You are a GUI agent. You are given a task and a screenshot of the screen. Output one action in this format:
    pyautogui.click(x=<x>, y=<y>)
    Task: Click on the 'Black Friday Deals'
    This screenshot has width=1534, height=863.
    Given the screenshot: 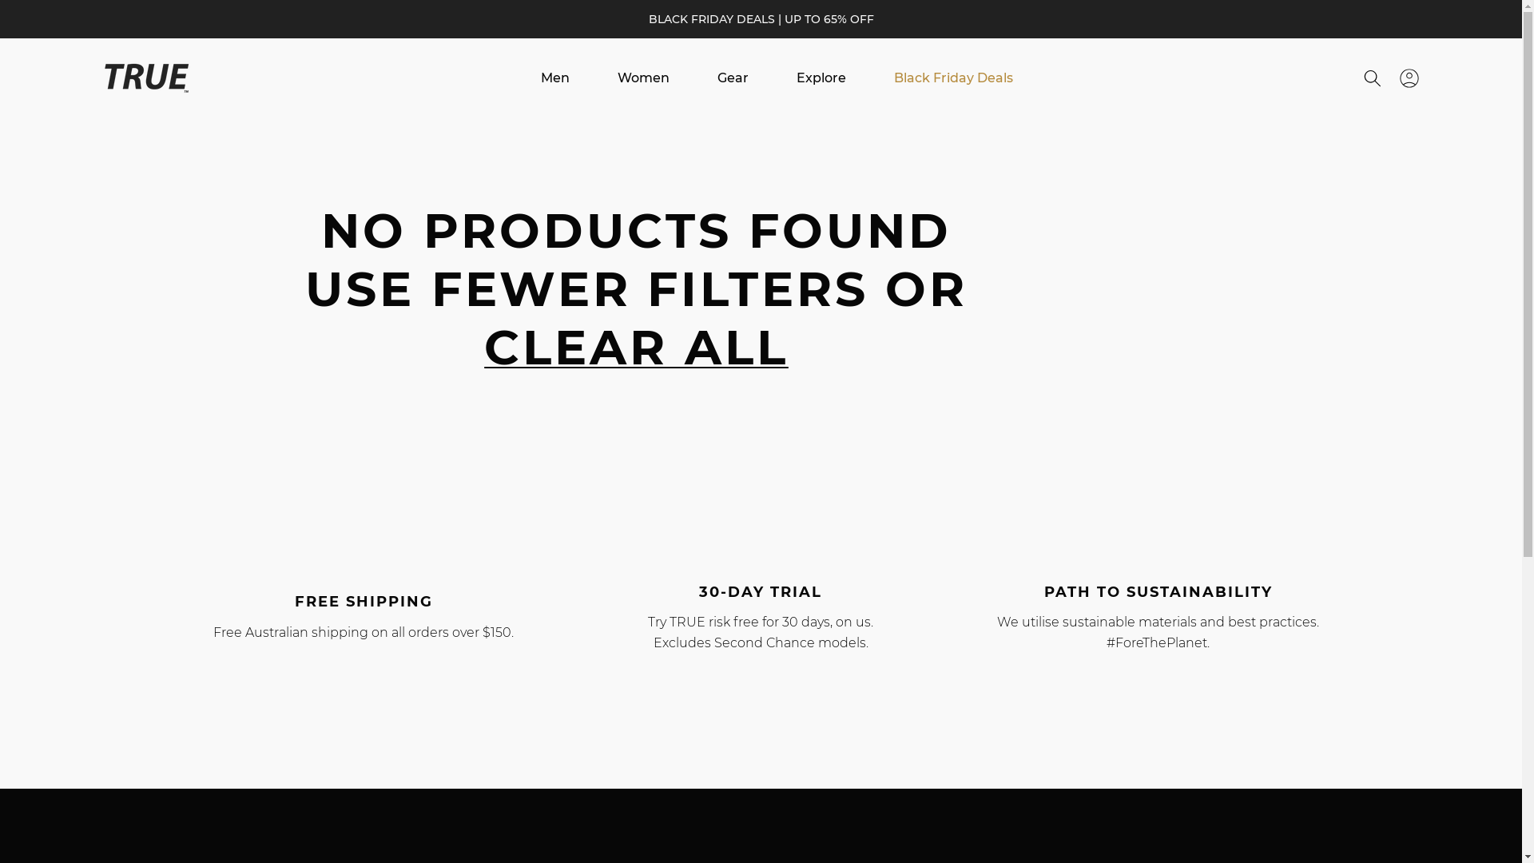 What is the action you would take?
    pyautogui.click(x=892, y=78)
    